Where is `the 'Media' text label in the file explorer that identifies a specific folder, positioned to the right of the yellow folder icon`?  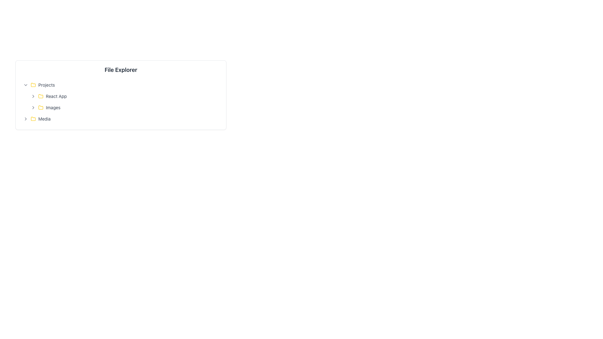
the 'Media' text label in the file explorer that identifies a specific folder, positioned to the right of the yellow folder icon is located at coordinates (44, 119).